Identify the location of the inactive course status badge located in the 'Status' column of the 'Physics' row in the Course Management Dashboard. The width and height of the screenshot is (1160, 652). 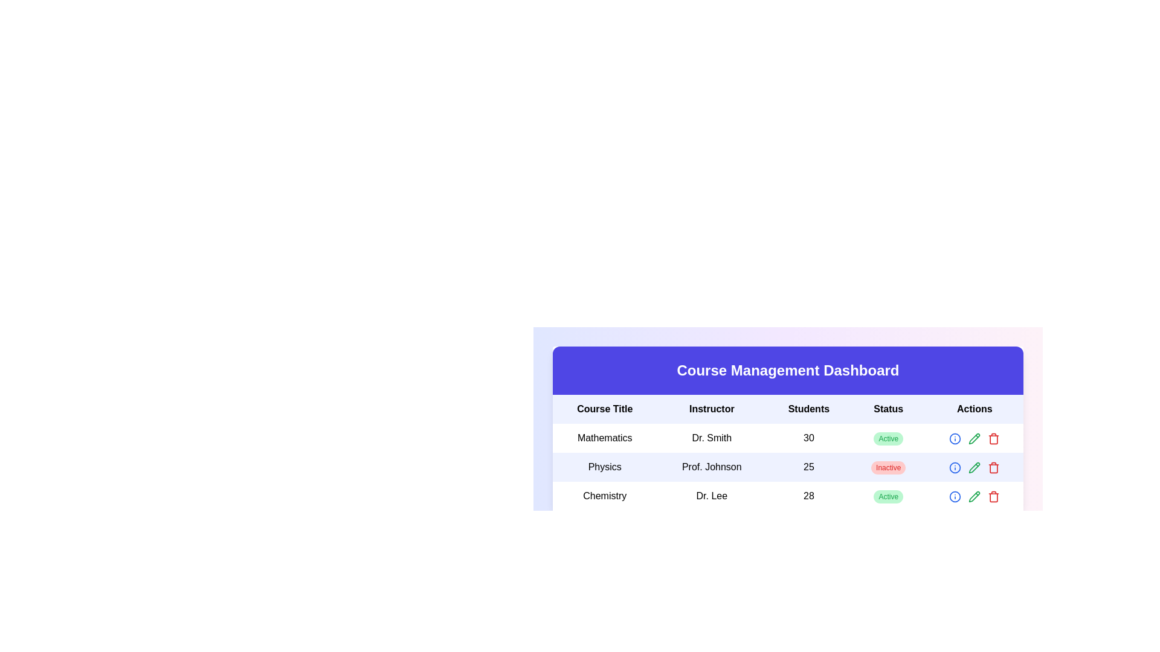
(888, 467).